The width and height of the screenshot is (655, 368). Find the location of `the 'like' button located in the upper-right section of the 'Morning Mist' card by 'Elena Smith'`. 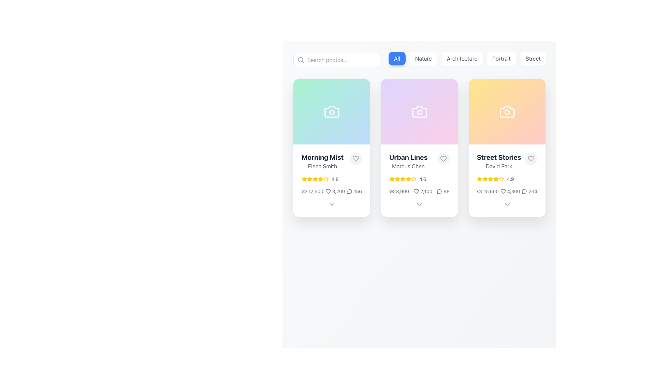

the 'like' button located in the upper-right section of the 'Morning Mist' card by 'Elena Smith' is located at coordinates (355, 159).